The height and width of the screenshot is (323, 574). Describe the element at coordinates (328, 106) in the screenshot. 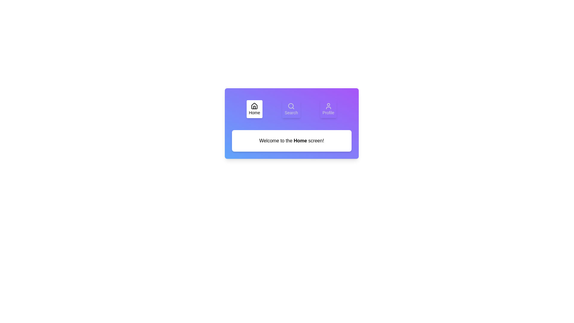

I see `the user profile icon, which is the third menu item at the top-center of the interface` at that location.